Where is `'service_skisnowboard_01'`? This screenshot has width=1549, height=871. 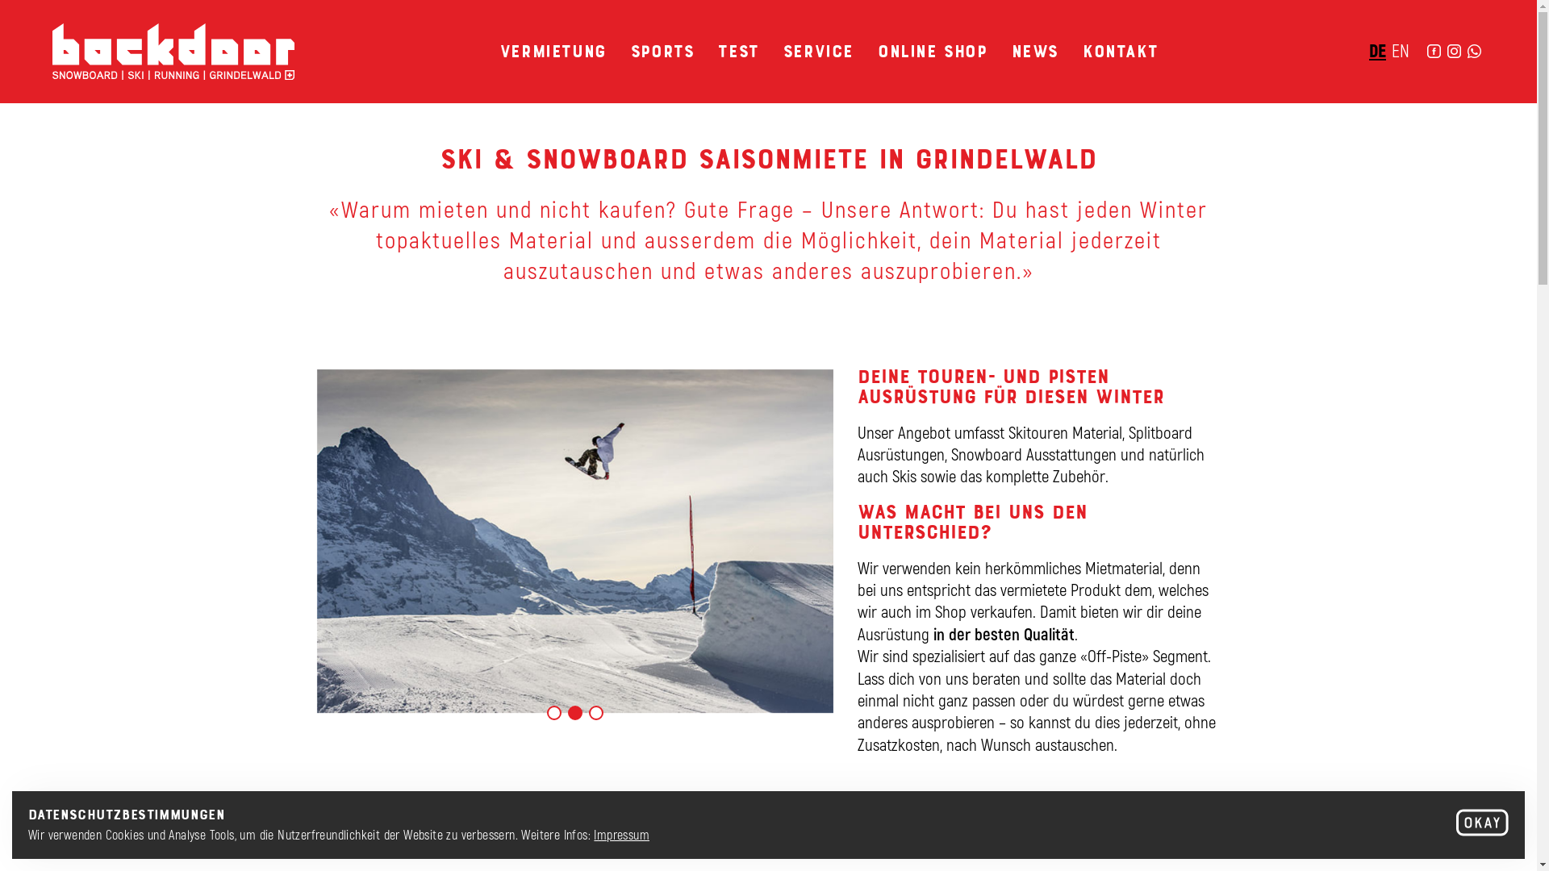
'service_skisnowboard_01' is located at coordinates (574, 541).